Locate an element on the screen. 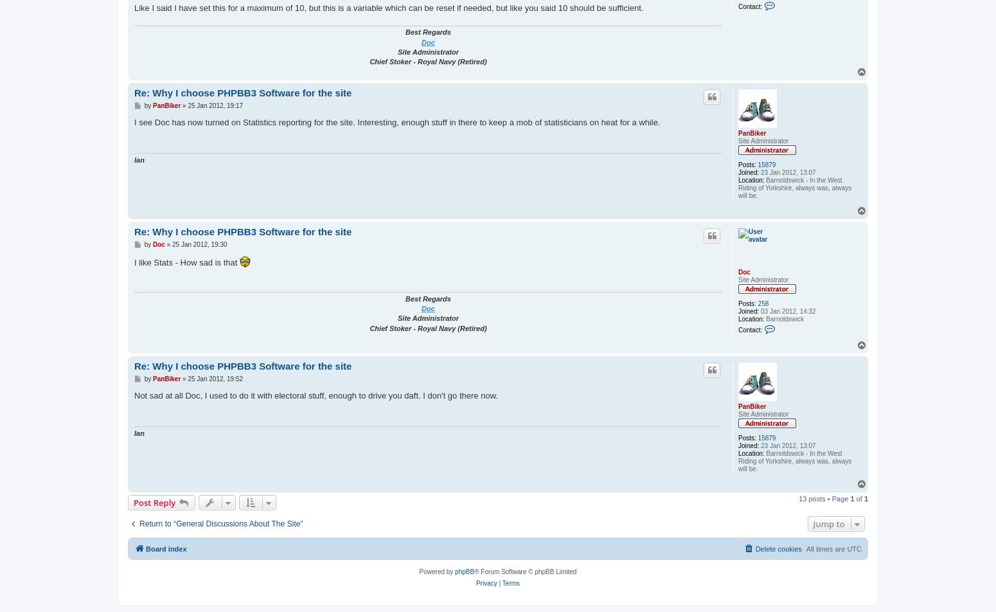 This screenshot has width=996, height=612. '25 Jan 2012, 19:52' is located at coordinates (214, 378).